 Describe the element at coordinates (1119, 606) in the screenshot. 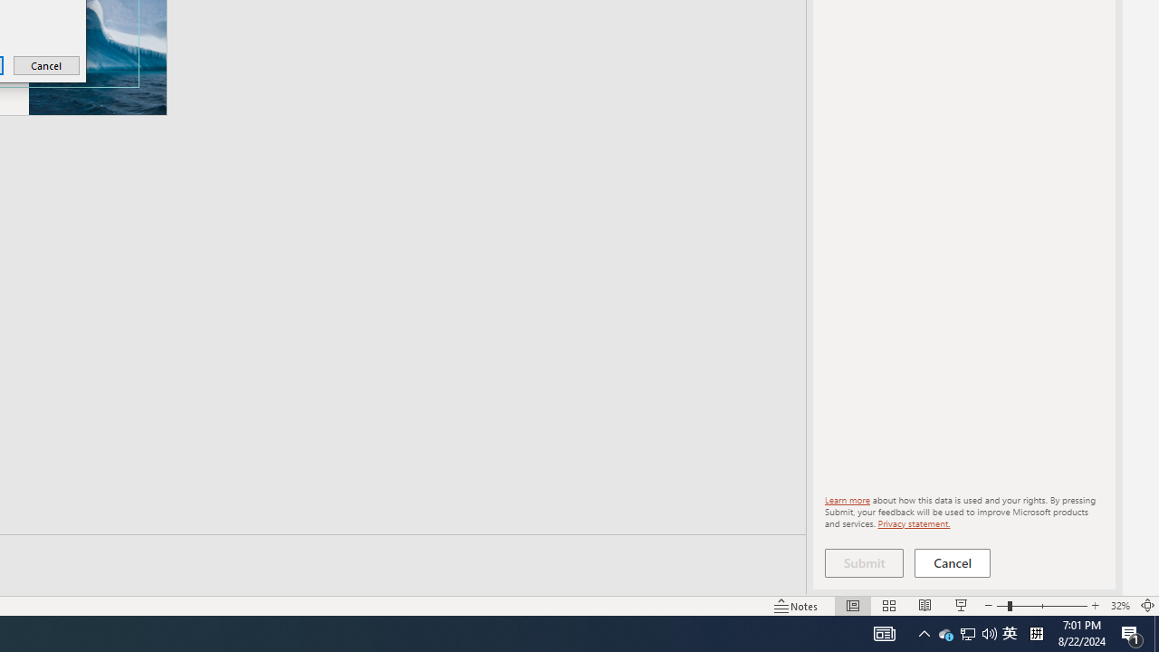

I see `'Zoom 32%'` at that location.